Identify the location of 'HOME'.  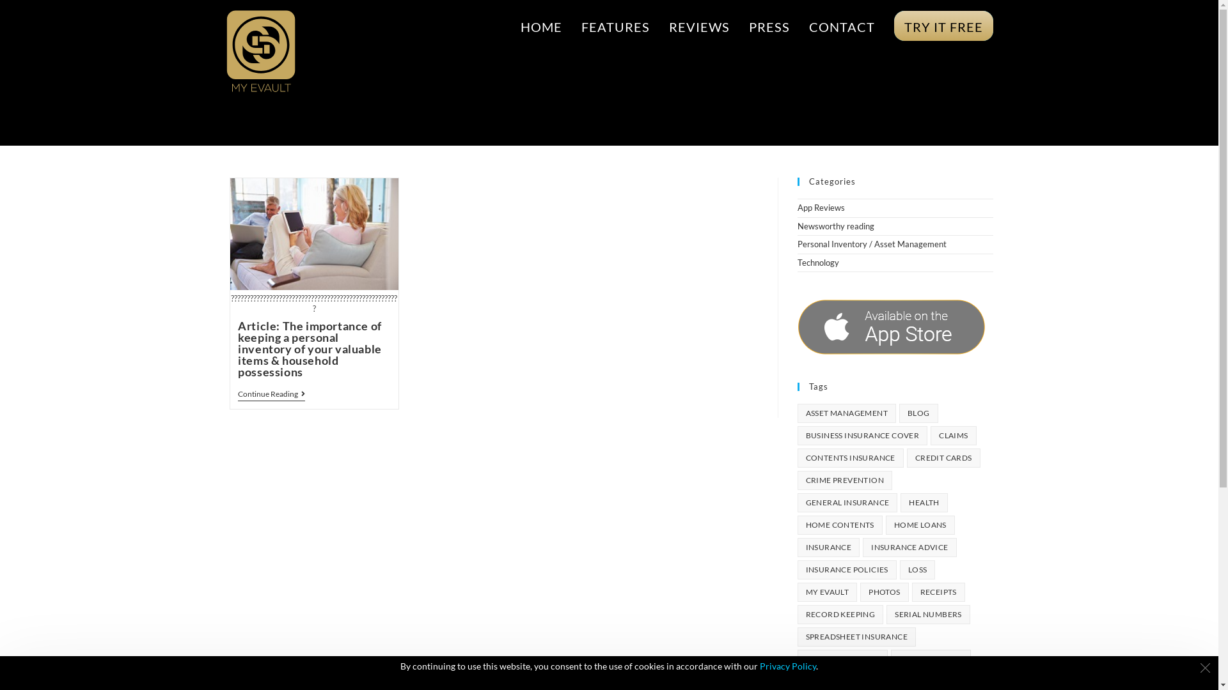
(540, 27).